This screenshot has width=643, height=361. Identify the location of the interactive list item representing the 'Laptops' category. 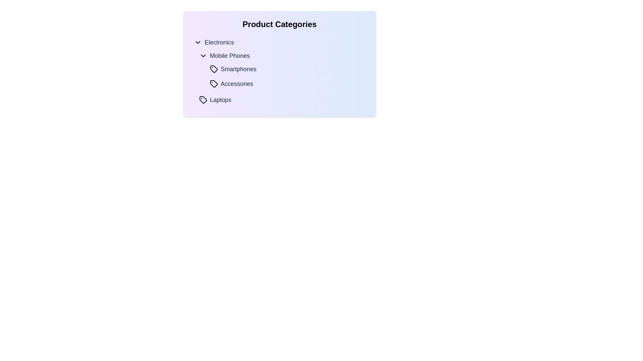
(282, 100).